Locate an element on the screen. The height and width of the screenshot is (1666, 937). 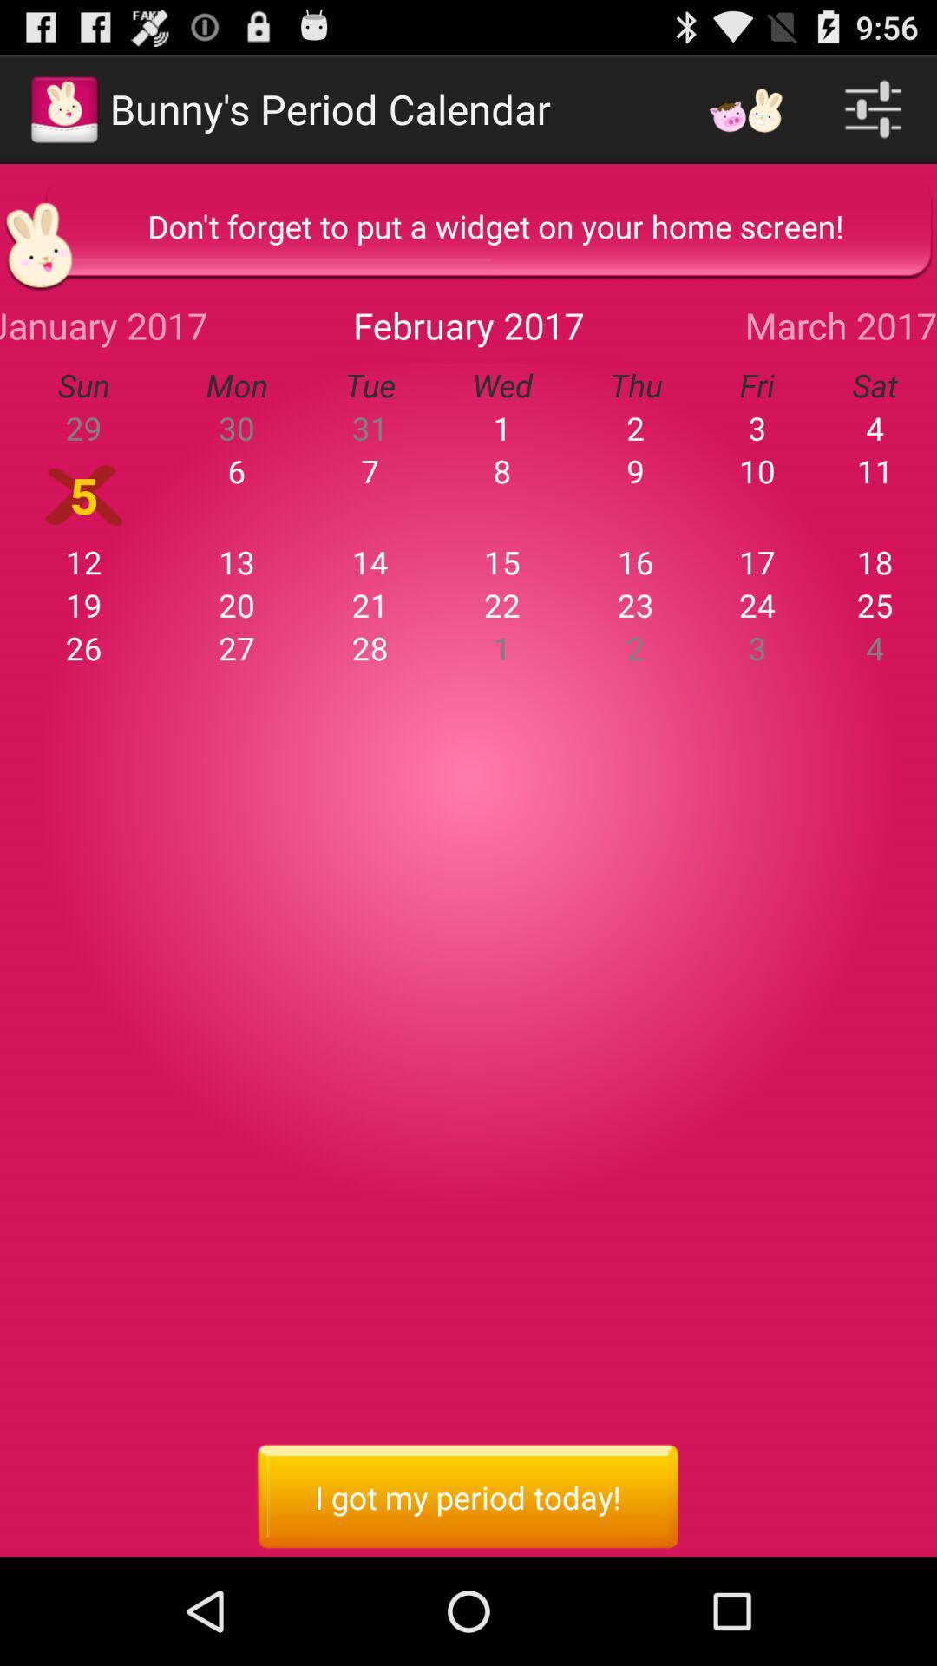
item next to the thu app is located at coordinates (756, 384).